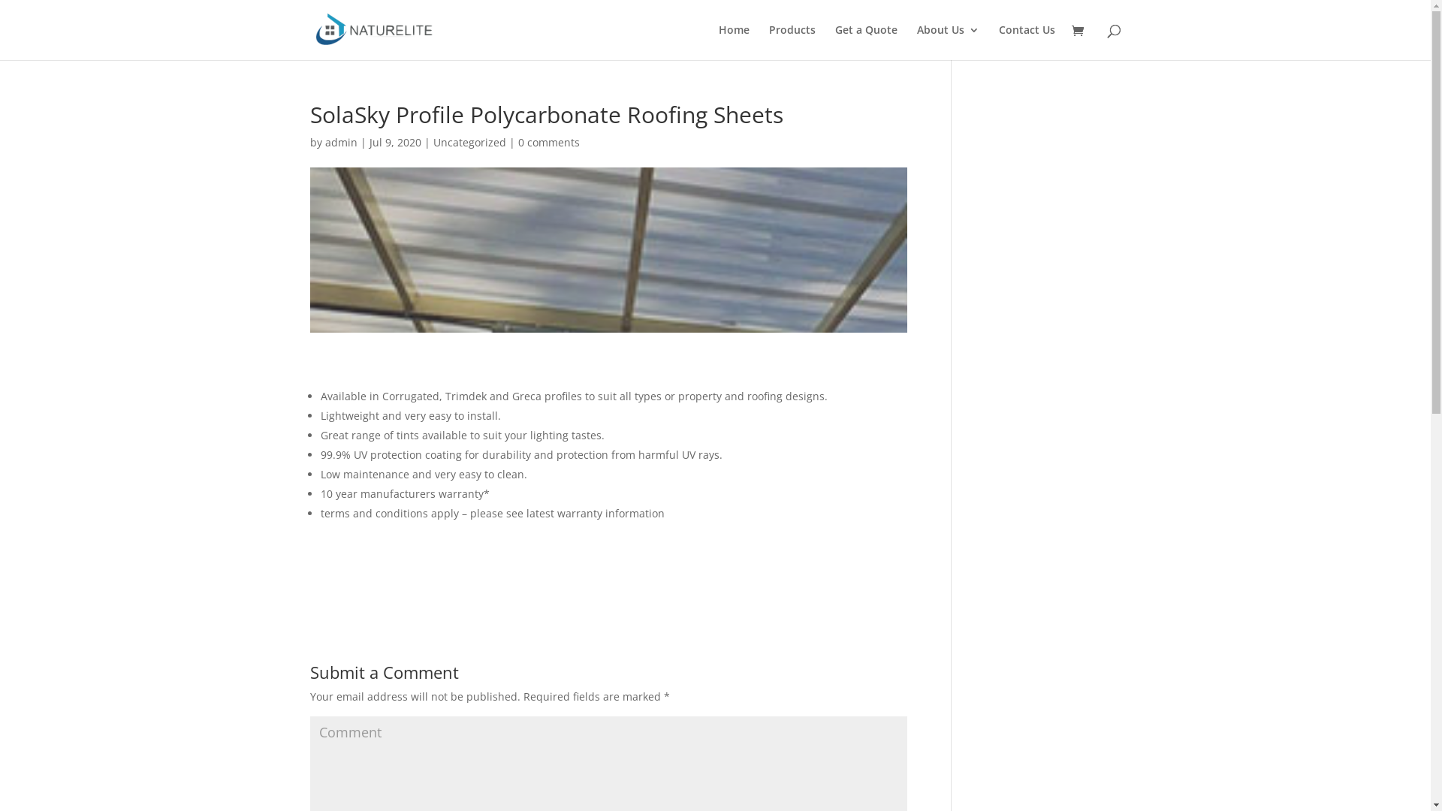 The width and height of the screenshot is (1442, 811). Describe the element at coordinates (1026, 41) in the screenshot. I see `'Contact Us'` at that location.